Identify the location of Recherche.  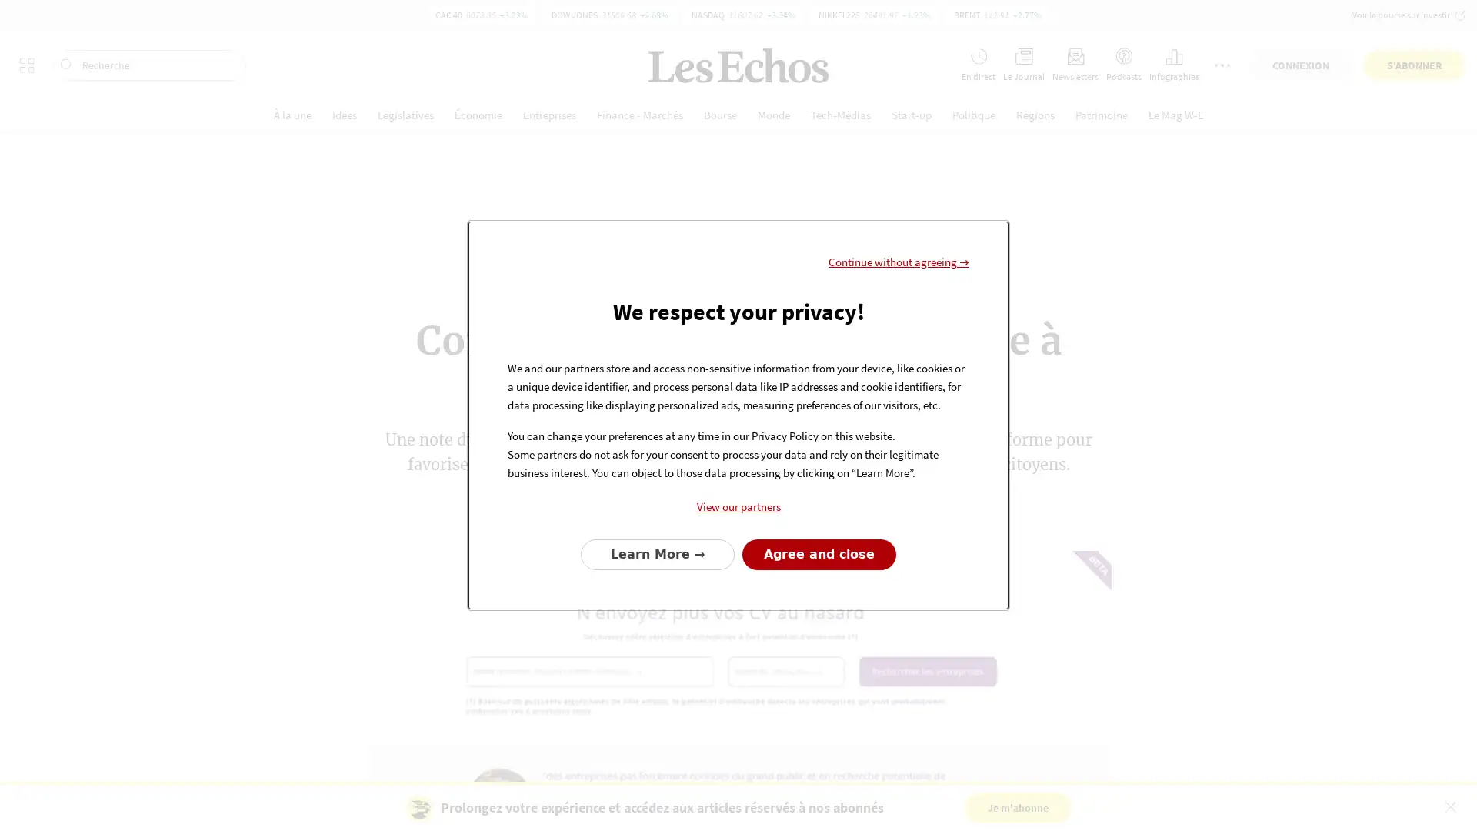
(150, 21).